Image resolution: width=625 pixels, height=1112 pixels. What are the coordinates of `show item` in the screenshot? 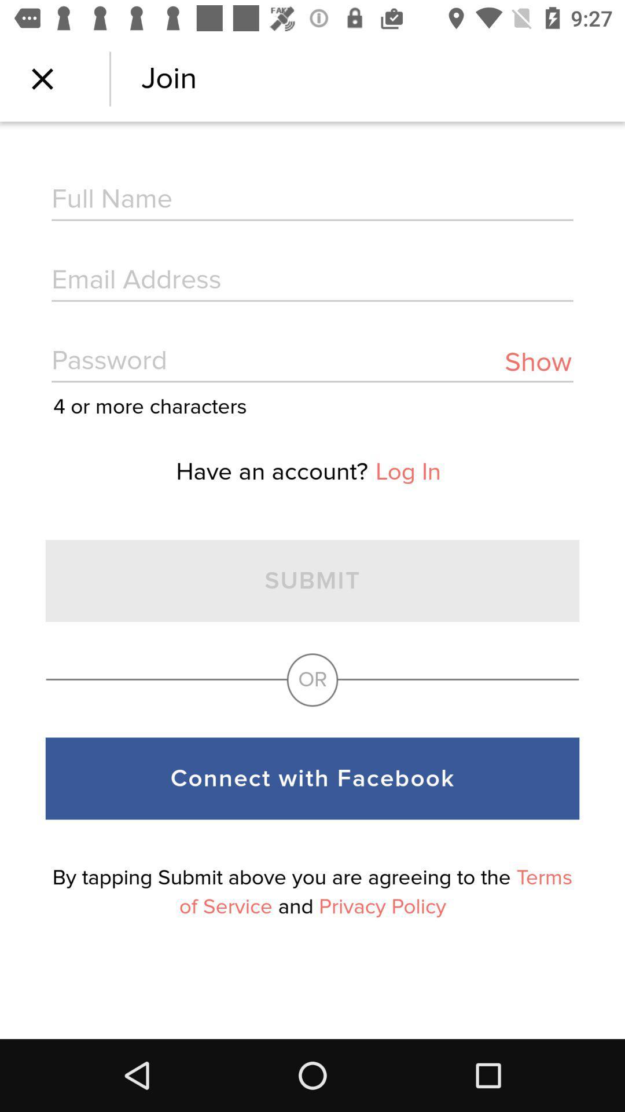 It's located at (538, 361).